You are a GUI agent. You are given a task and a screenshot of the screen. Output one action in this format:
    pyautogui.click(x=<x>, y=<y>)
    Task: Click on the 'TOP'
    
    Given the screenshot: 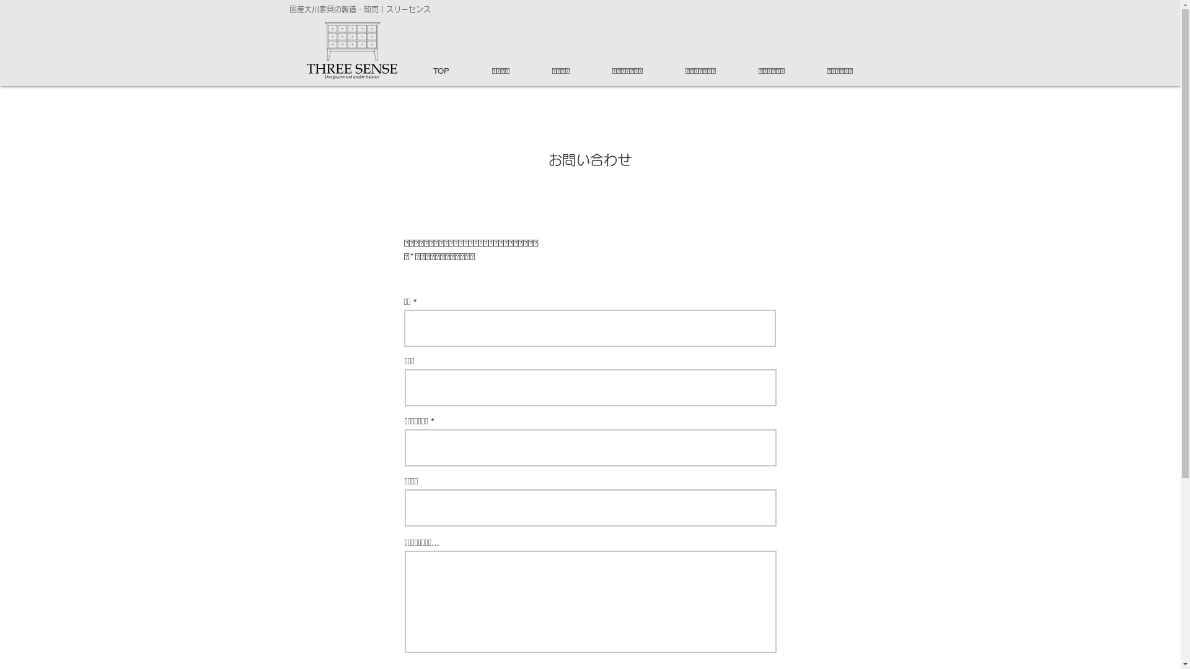 What is the action you would take?
    pyautogui.click(x=452, y=71)
    